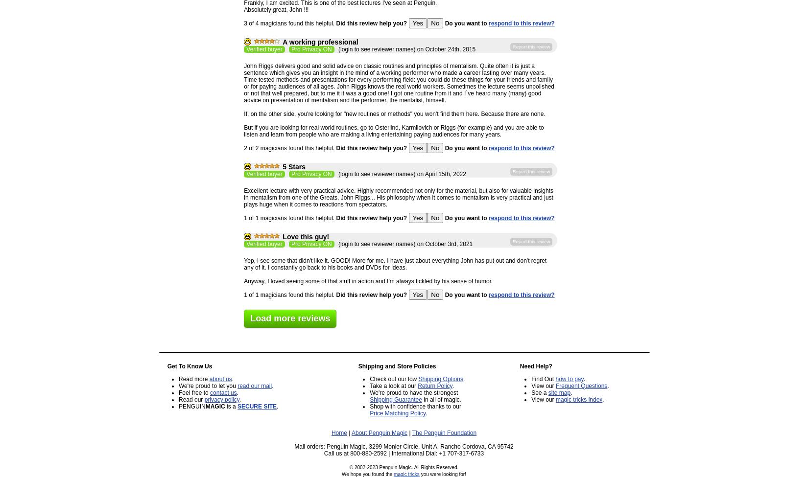 The height and width of the screenshot is (477, 808). What do you see at coordinates (305, 236) in the screenshot?
I see `'Love this guy!'` at bounding box center [305, 236].